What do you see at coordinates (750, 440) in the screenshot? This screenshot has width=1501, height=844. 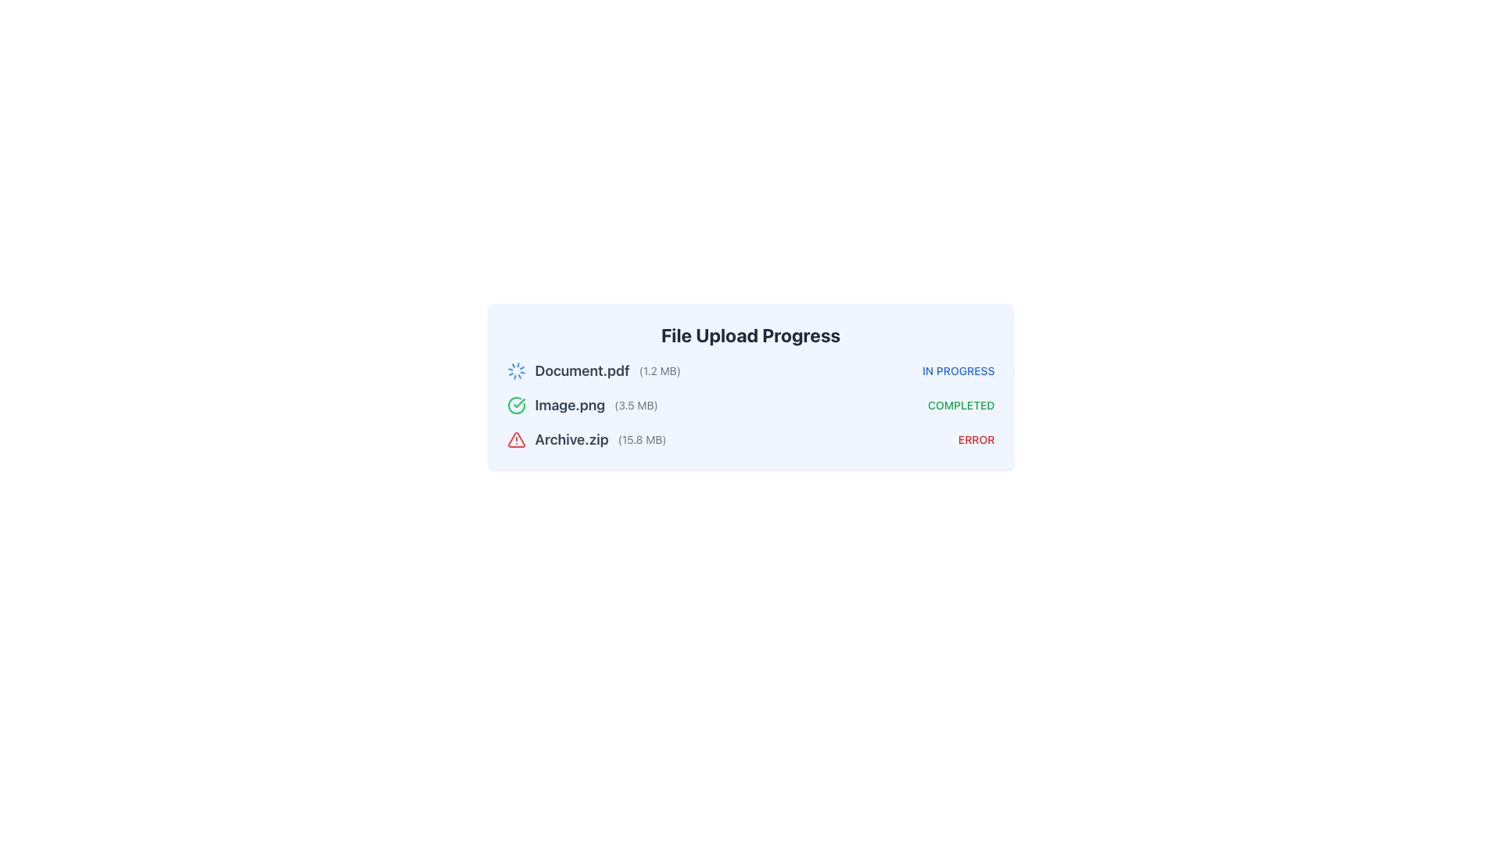 I see `status information of the file labeled 'Archive.zip' indicated by the List Item showing 'ERROR' in the file upload interface` at bounding box center [750, 440].